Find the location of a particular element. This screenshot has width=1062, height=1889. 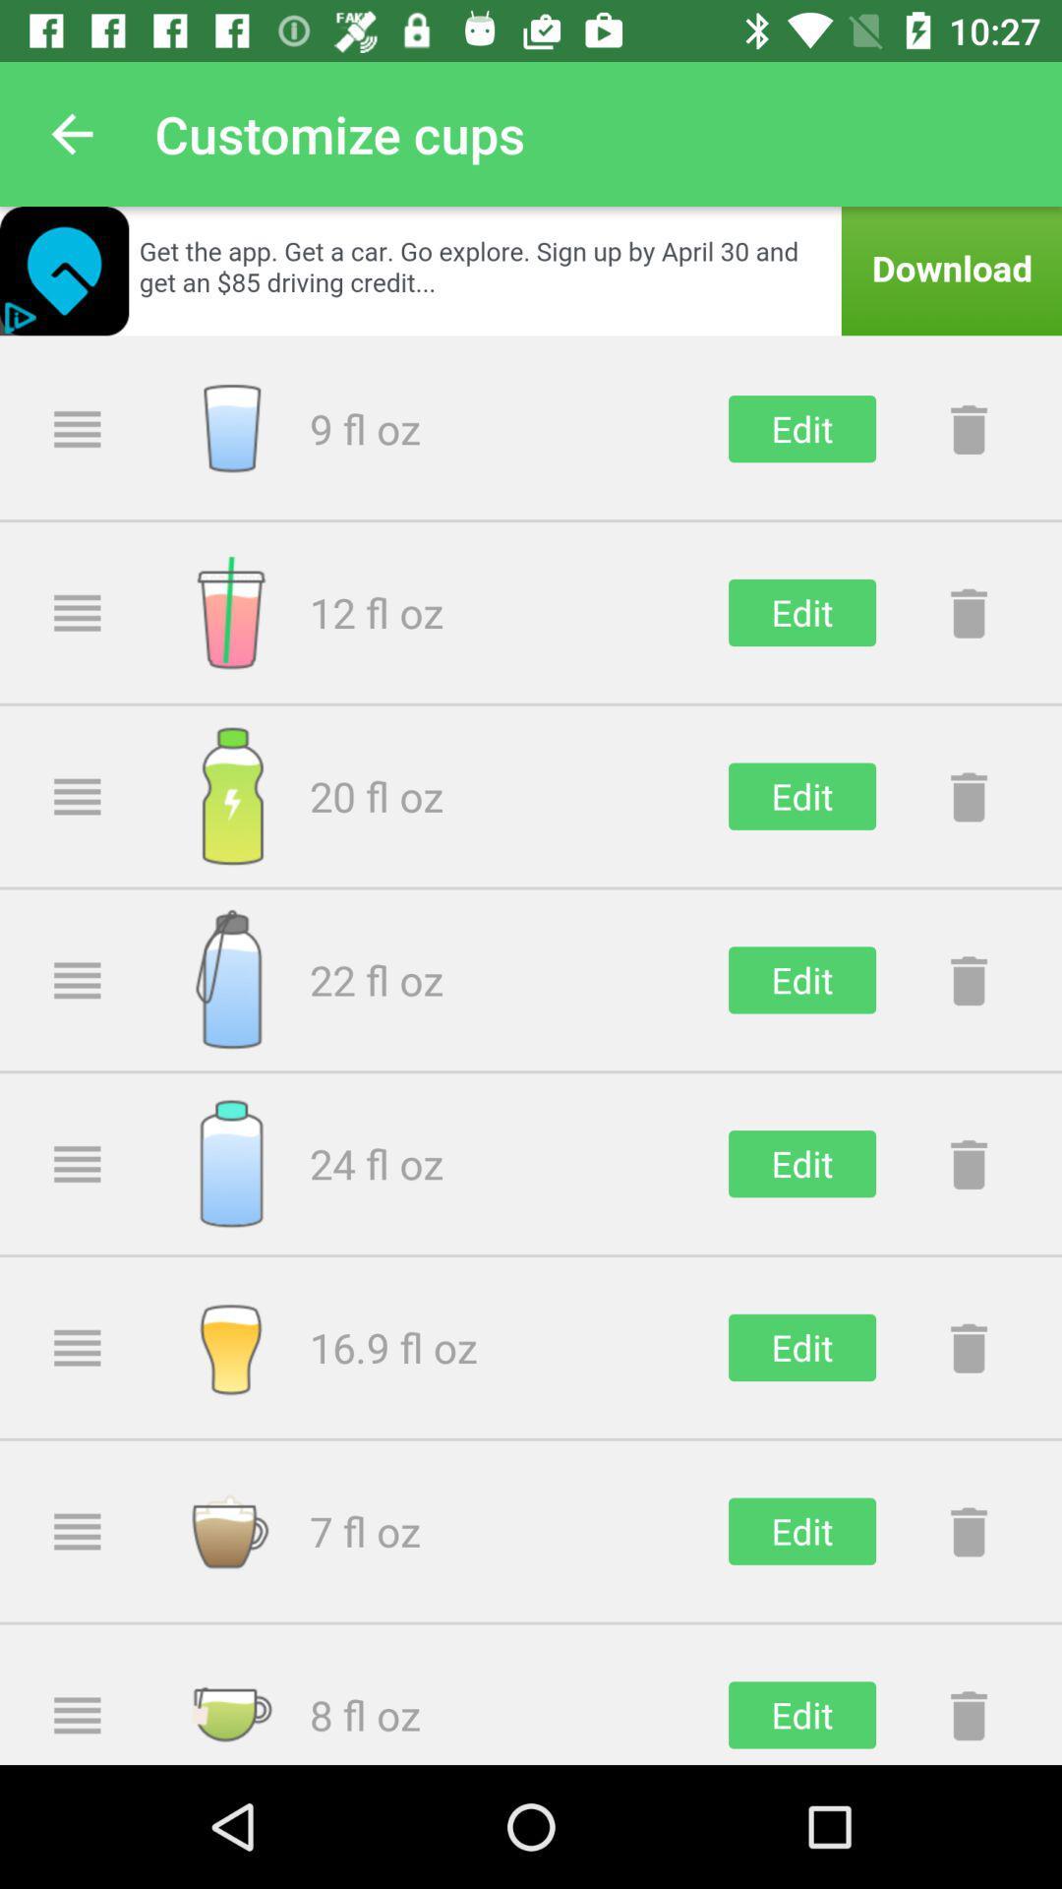

click advertisement is located at coordinates (531, 270).